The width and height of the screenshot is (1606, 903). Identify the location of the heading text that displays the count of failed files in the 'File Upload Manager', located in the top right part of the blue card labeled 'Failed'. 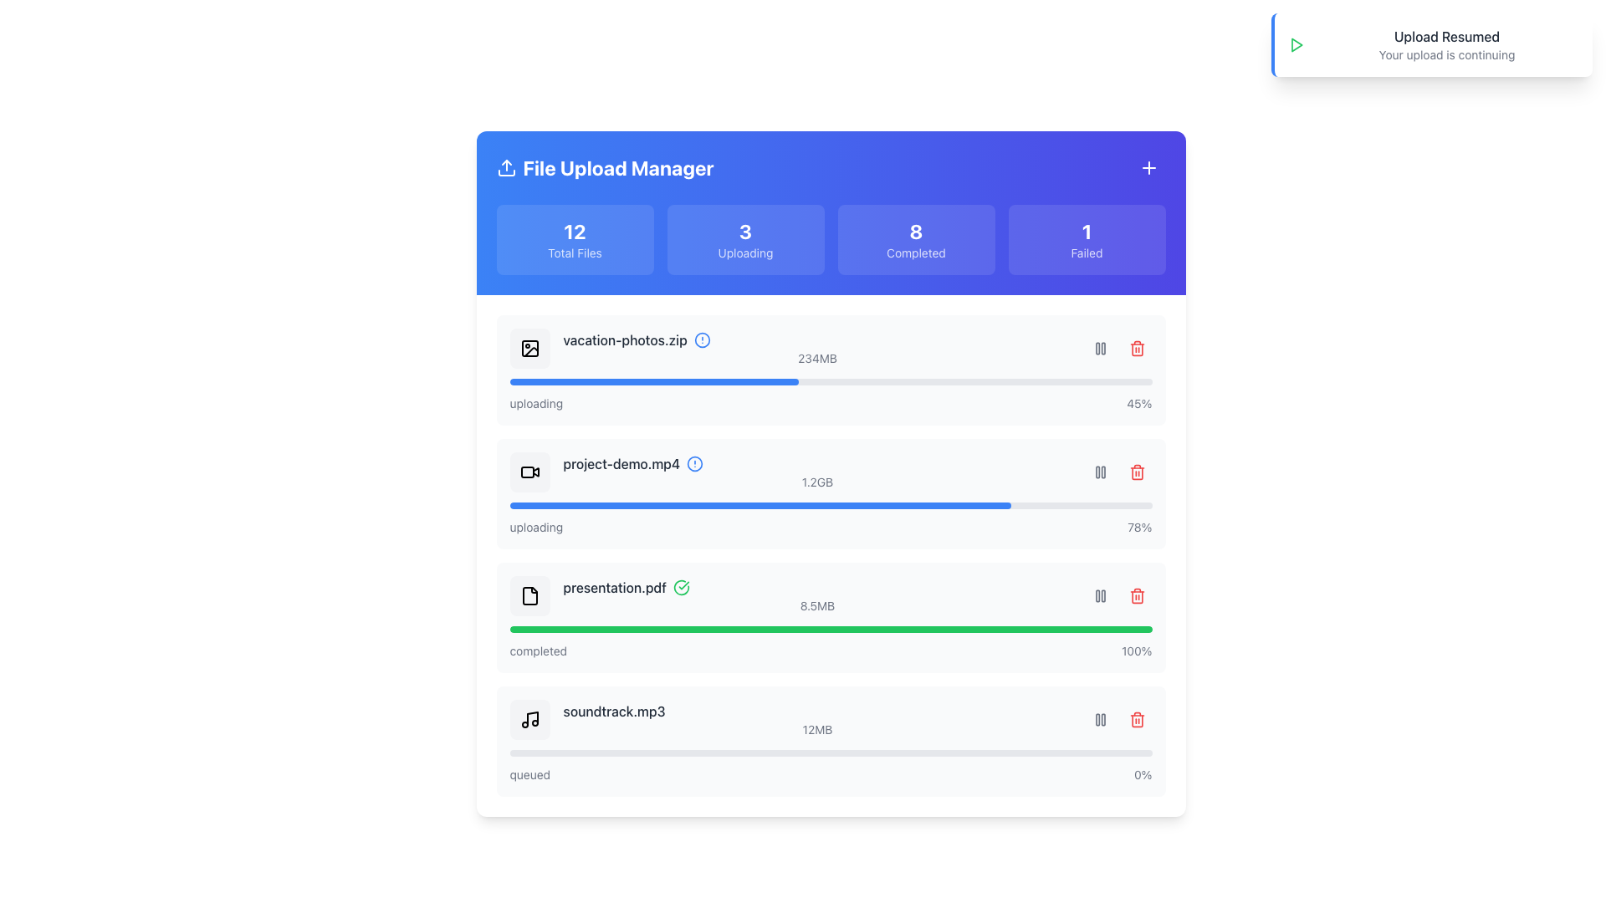
(1087, 232).